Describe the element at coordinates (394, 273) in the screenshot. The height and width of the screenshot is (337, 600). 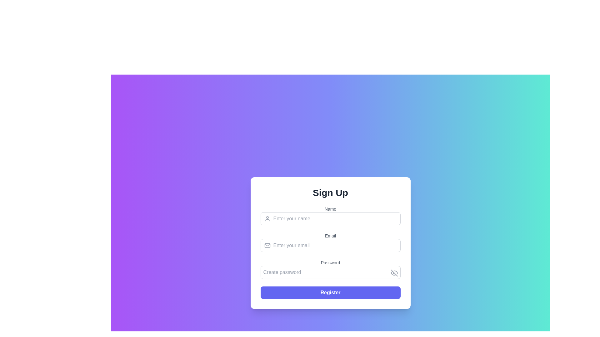
I see `the icon button located to the right of the 'Password' text input field` at that location.